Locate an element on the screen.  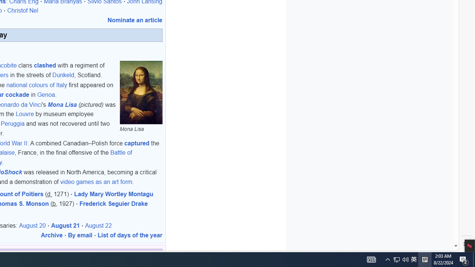
'video games as an art form' is located at coordinates (96, 181).